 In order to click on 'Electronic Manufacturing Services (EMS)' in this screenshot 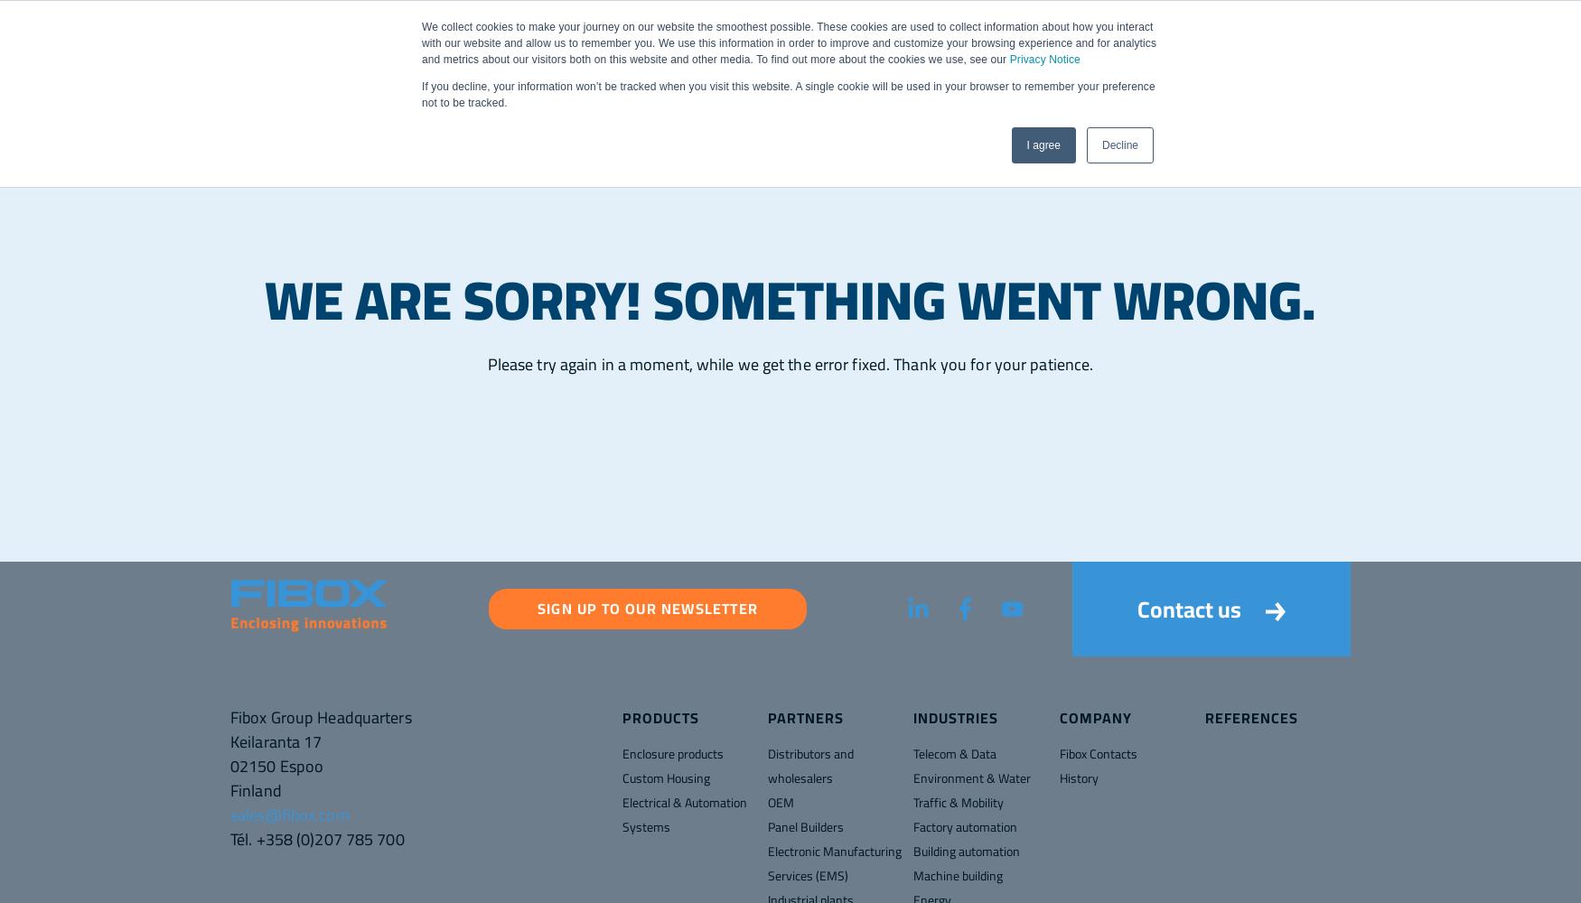, I will do `click(834, 862)`.